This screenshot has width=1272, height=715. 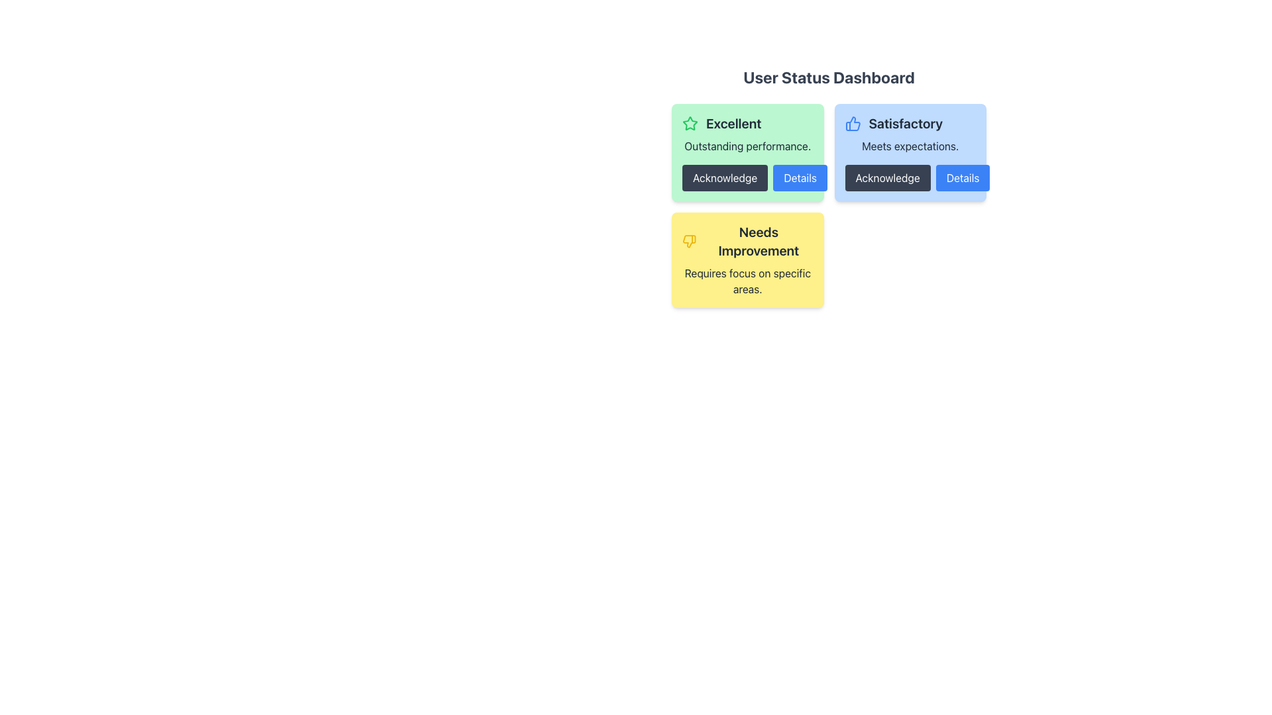 I want to click on the green outlined star icon located to the left of the word 'Excellent' within the green-highlighted box, so click(x=689, y=123).